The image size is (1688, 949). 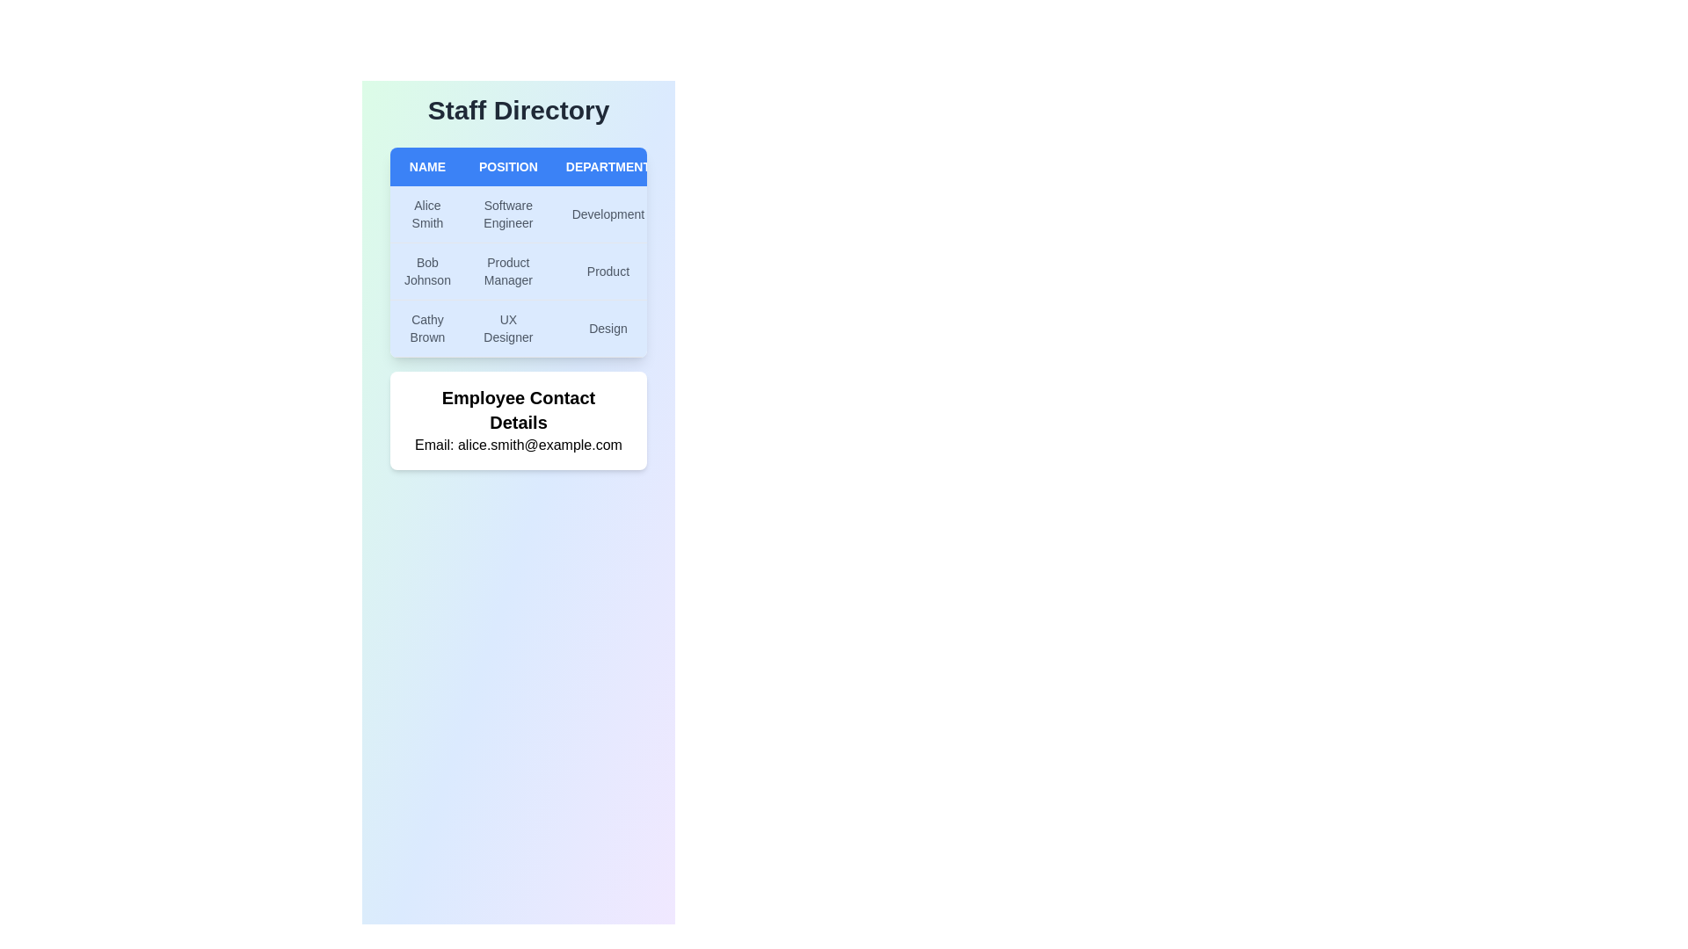 I want to click on the table row containing 'Bob Johnson', 'Product Manager', and 'Product', so click(x=569, y=271).